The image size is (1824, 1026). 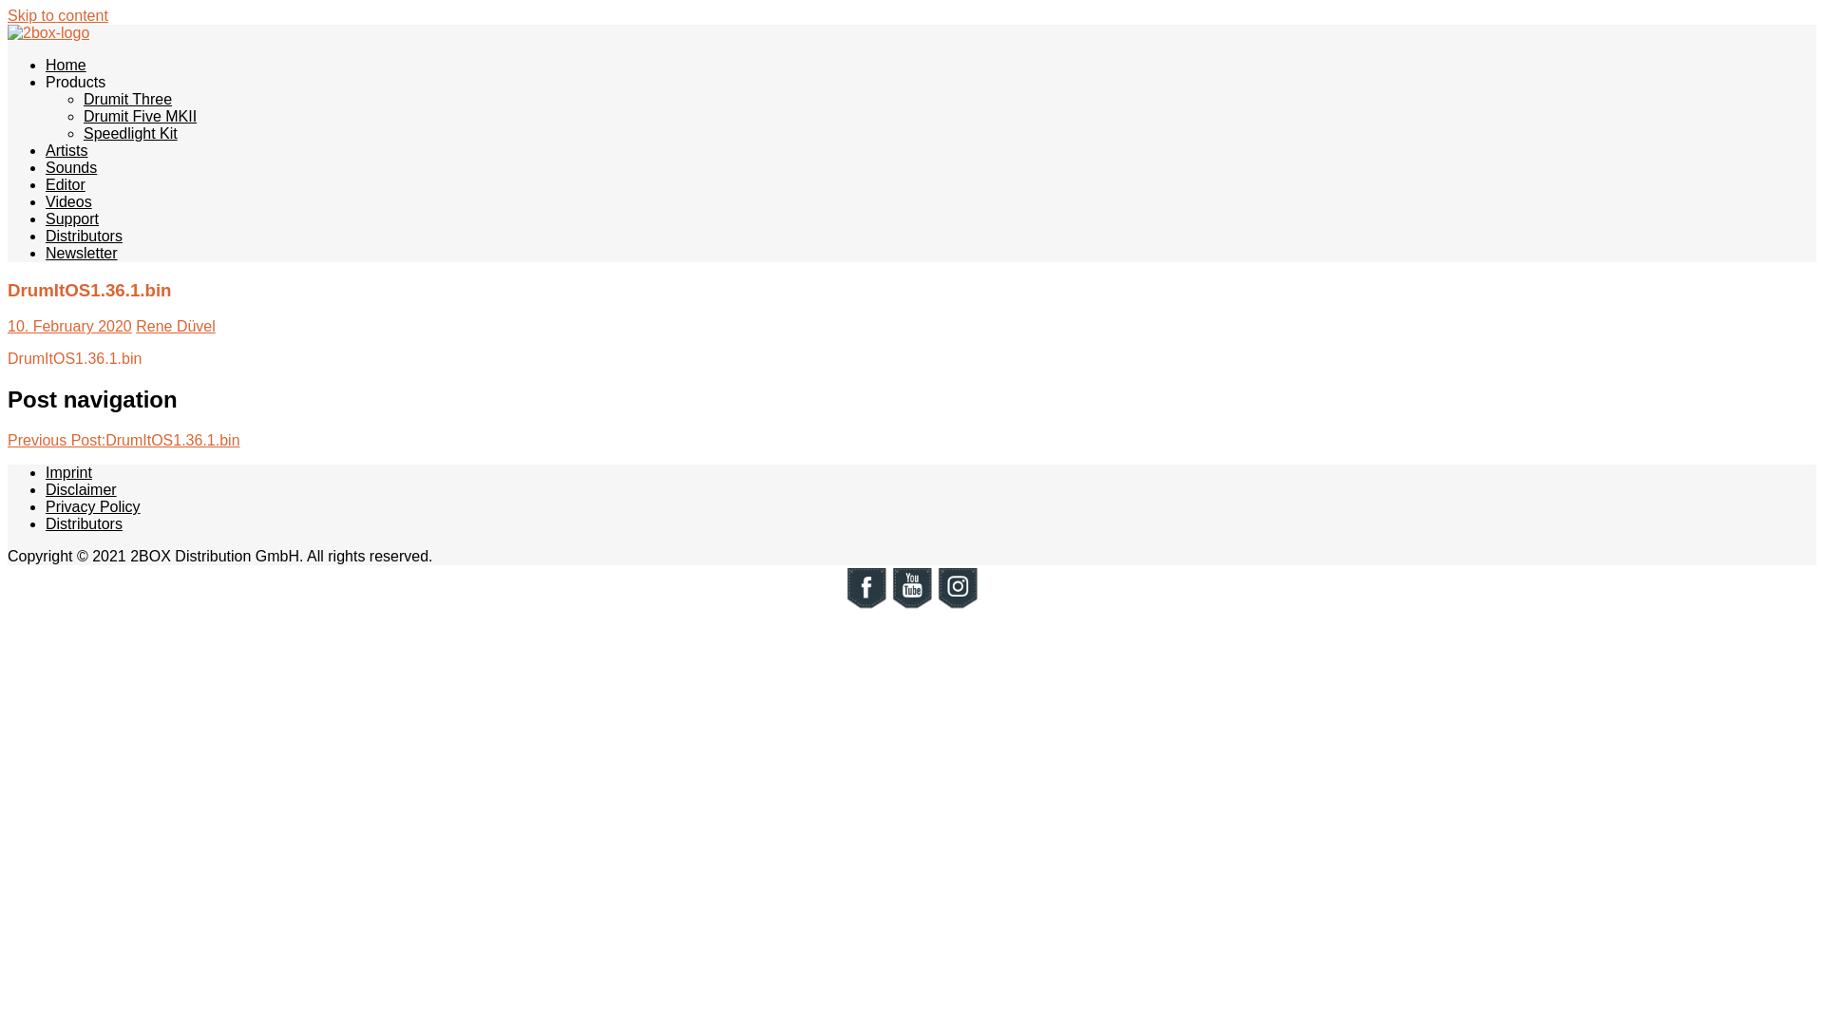 I want to click on 'Drumit Five MKII', so click(x=139, y=116).